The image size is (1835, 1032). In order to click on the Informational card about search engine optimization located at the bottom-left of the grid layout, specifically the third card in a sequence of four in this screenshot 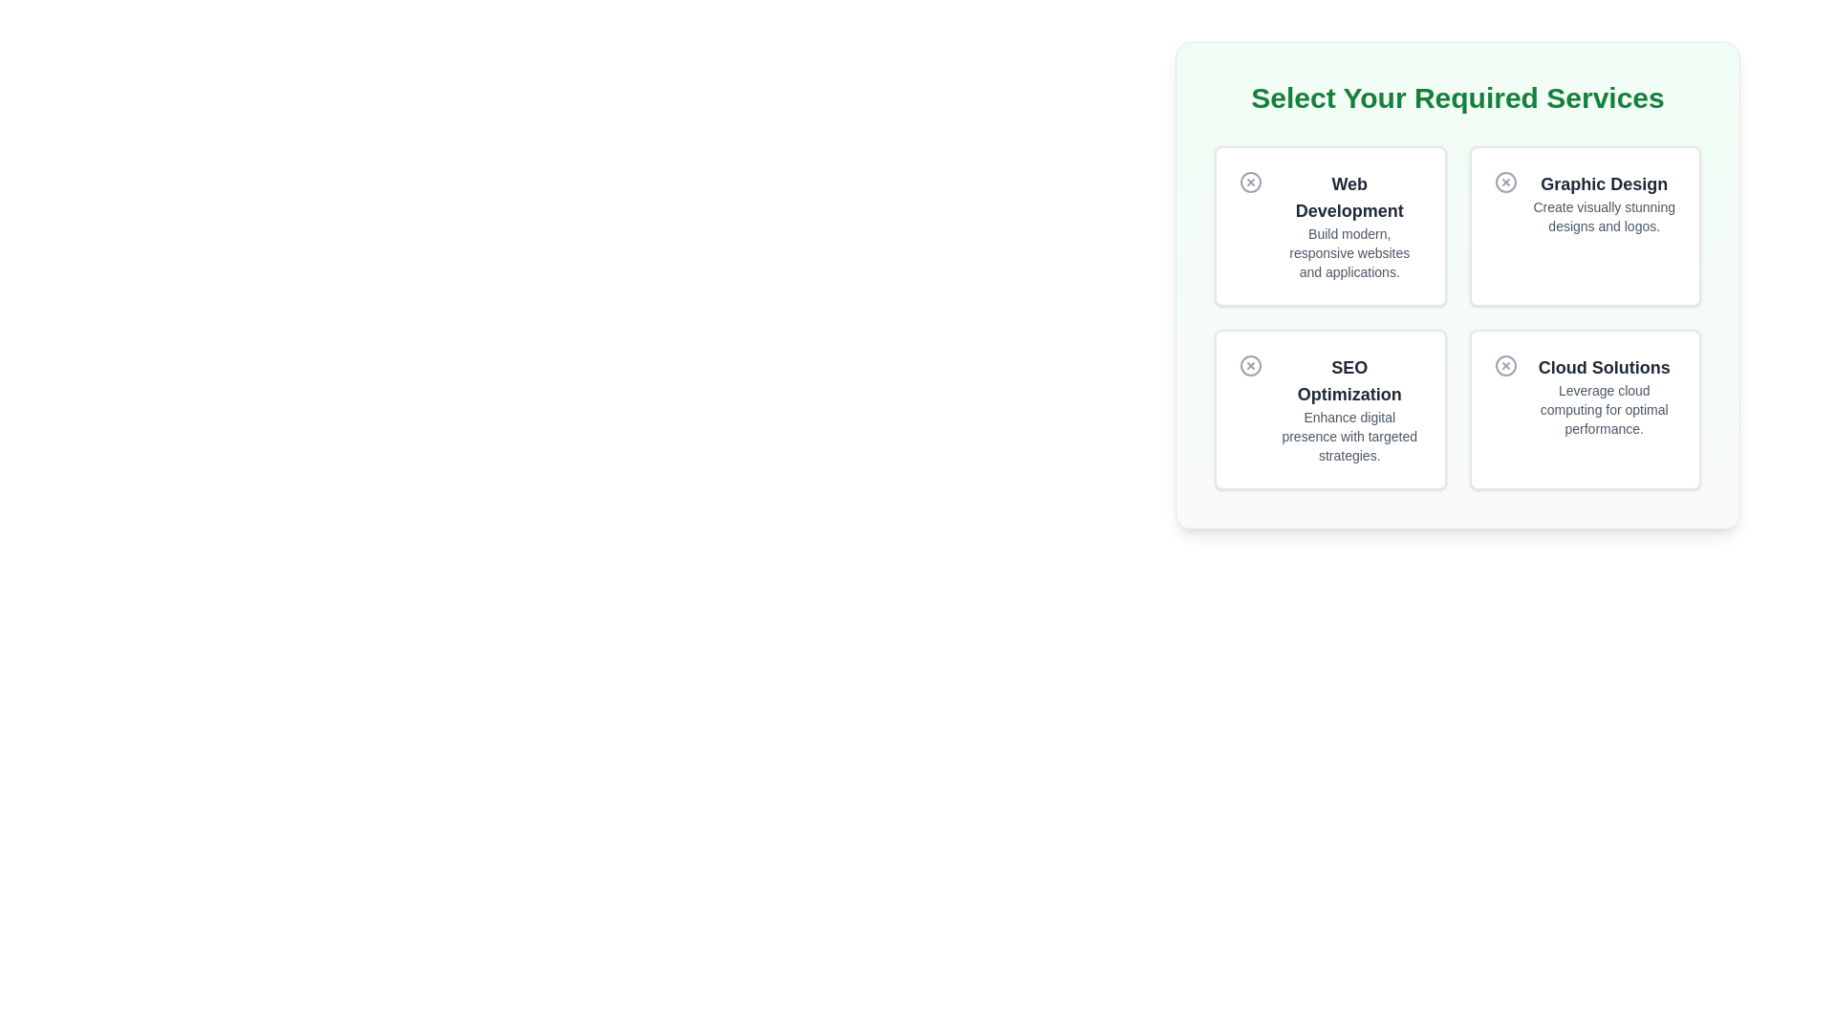, I will do `click(1329, 408)`.